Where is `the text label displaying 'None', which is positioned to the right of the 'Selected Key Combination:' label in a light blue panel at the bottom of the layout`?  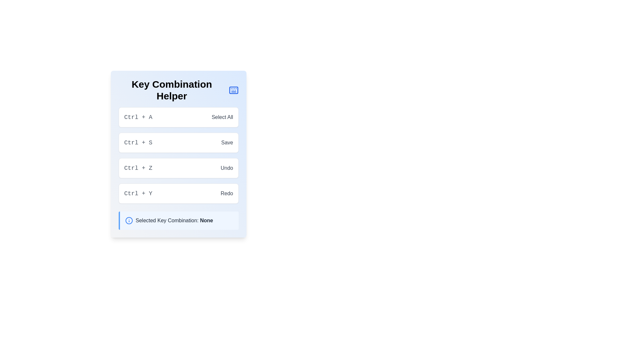 the text label displaying 'None', which is positioned to the right of the 'Selected Key Combination:' label in a light blue panel at the bottom of the layout is located at coordinates (206, 220).